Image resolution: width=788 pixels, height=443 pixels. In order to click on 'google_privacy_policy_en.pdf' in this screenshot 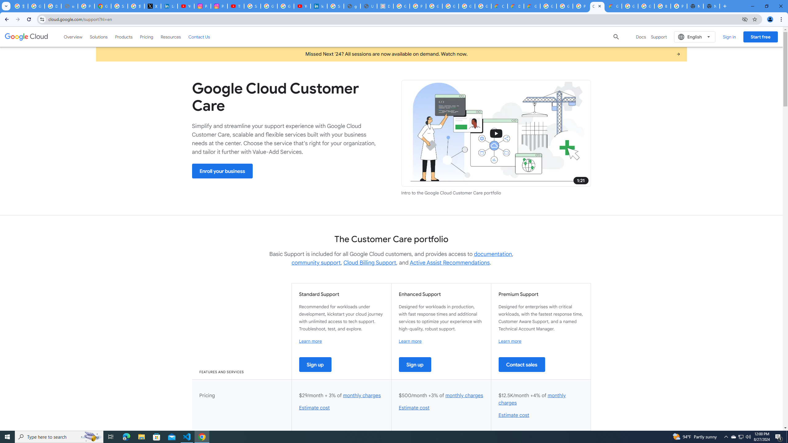, I will do `click(352, 6)`.